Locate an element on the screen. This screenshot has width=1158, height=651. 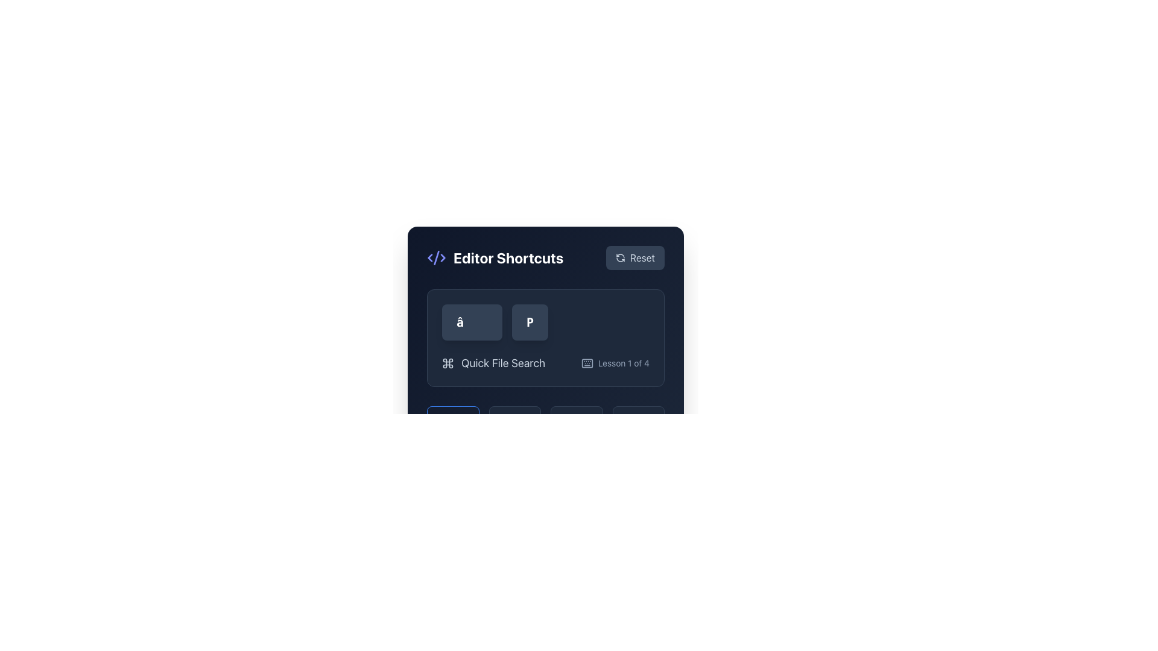
the 'Editor Shortcuts' text label, which serves as a title indicating the section for editor shortcuts, positioned slightly to the right of a code icon is located at coordinates (508, 257).